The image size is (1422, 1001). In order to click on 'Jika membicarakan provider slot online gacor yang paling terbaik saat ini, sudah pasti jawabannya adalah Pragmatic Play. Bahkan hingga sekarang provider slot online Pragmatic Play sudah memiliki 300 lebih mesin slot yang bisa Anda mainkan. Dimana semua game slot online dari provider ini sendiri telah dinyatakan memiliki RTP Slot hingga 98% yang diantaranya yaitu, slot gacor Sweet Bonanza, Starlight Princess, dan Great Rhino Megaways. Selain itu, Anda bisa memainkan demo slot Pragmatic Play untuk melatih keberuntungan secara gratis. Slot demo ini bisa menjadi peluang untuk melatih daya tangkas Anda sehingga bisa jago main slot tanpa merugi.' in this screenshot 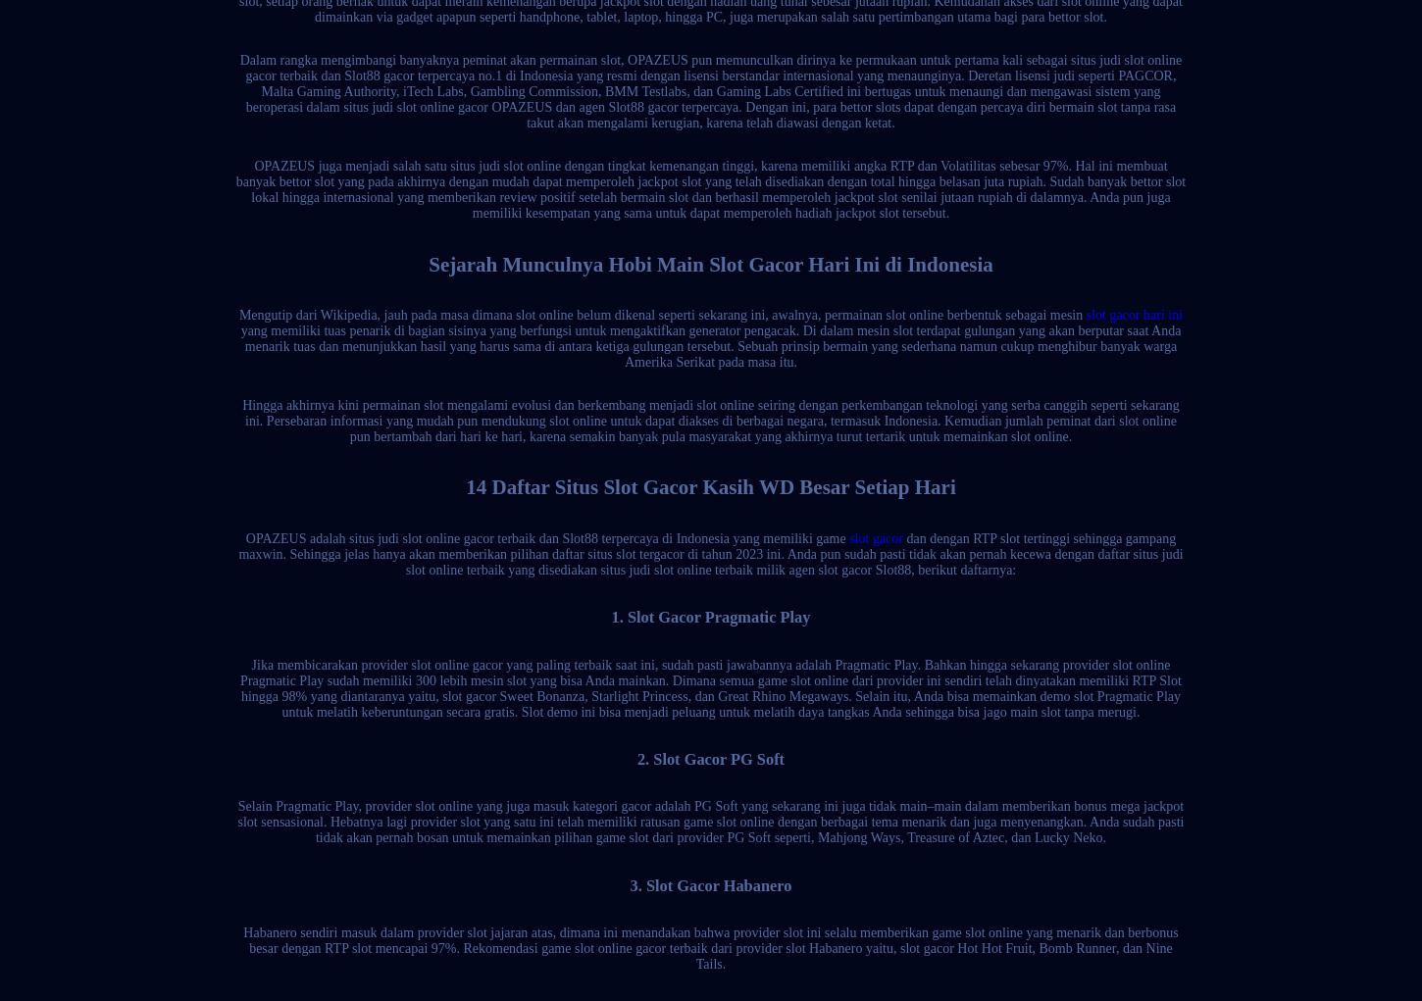, I will do `click(709, 687)`.